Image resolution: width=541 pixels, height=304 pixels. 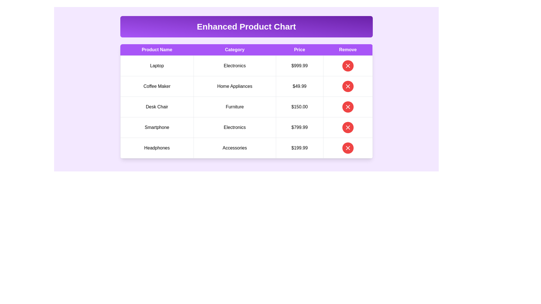 I want to click on the circular red button with a white 'X' icon in the 'Remove' column of the second row, so click(x=347, y=86).